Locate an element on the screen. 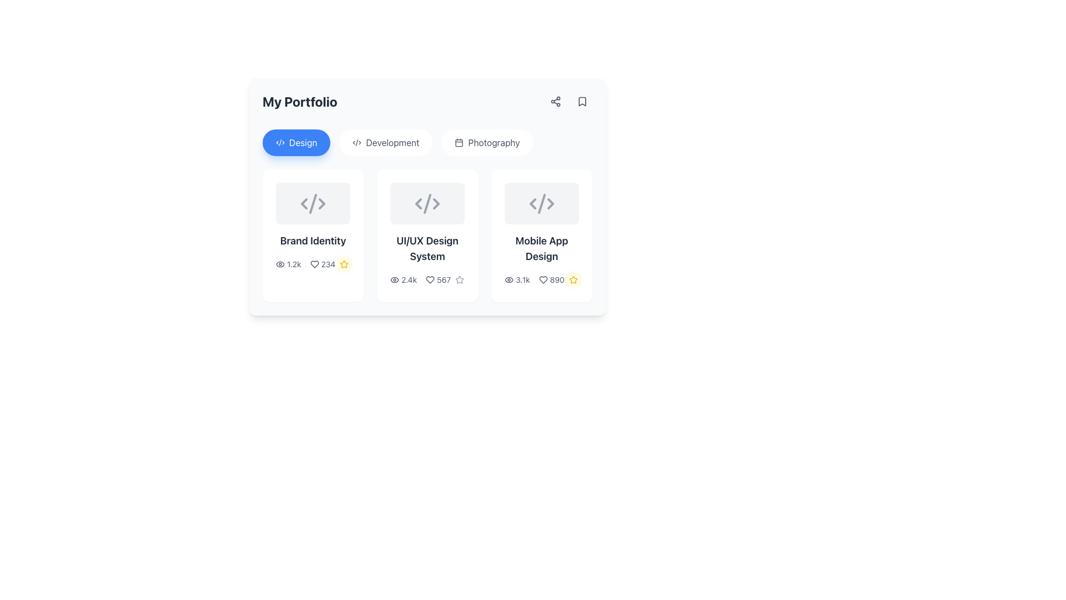 The width and height of the screenshot is (1066, 600). the star icon located at the bottom-right corner of the 'Brand Identity' card in the 'Design' section to mark it as a favorite is located at coordinates (344, 264).